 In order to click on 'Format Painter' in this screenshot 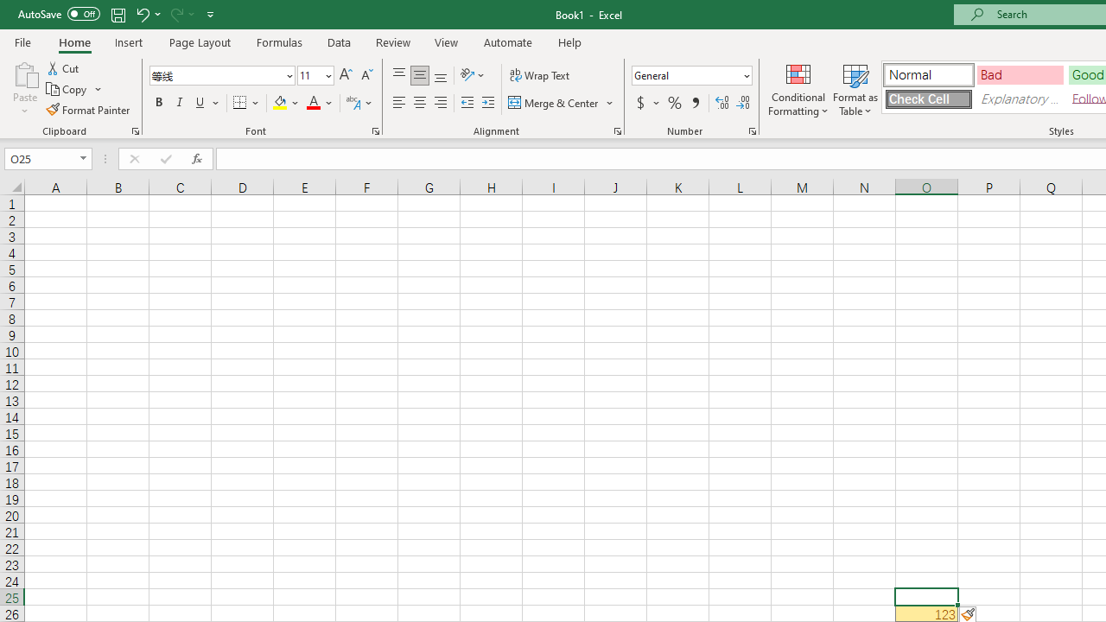, I will do `click(88, 110)`.